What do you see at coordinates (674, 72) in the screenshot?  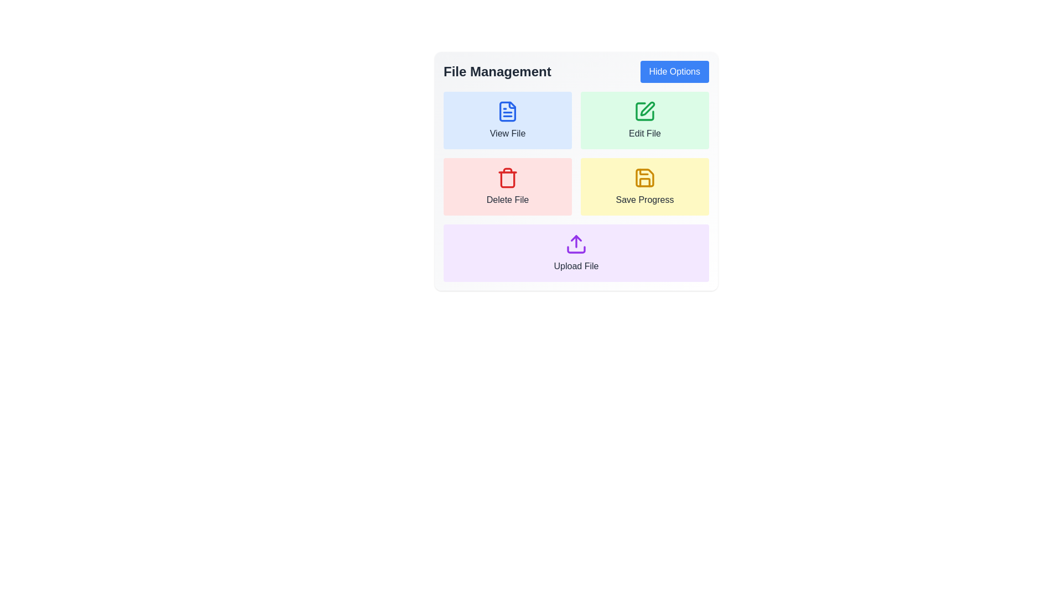 I see `the button in the top-right corner of the 'File Management' section for accessibility navigation` at bounding box center [674, 72].